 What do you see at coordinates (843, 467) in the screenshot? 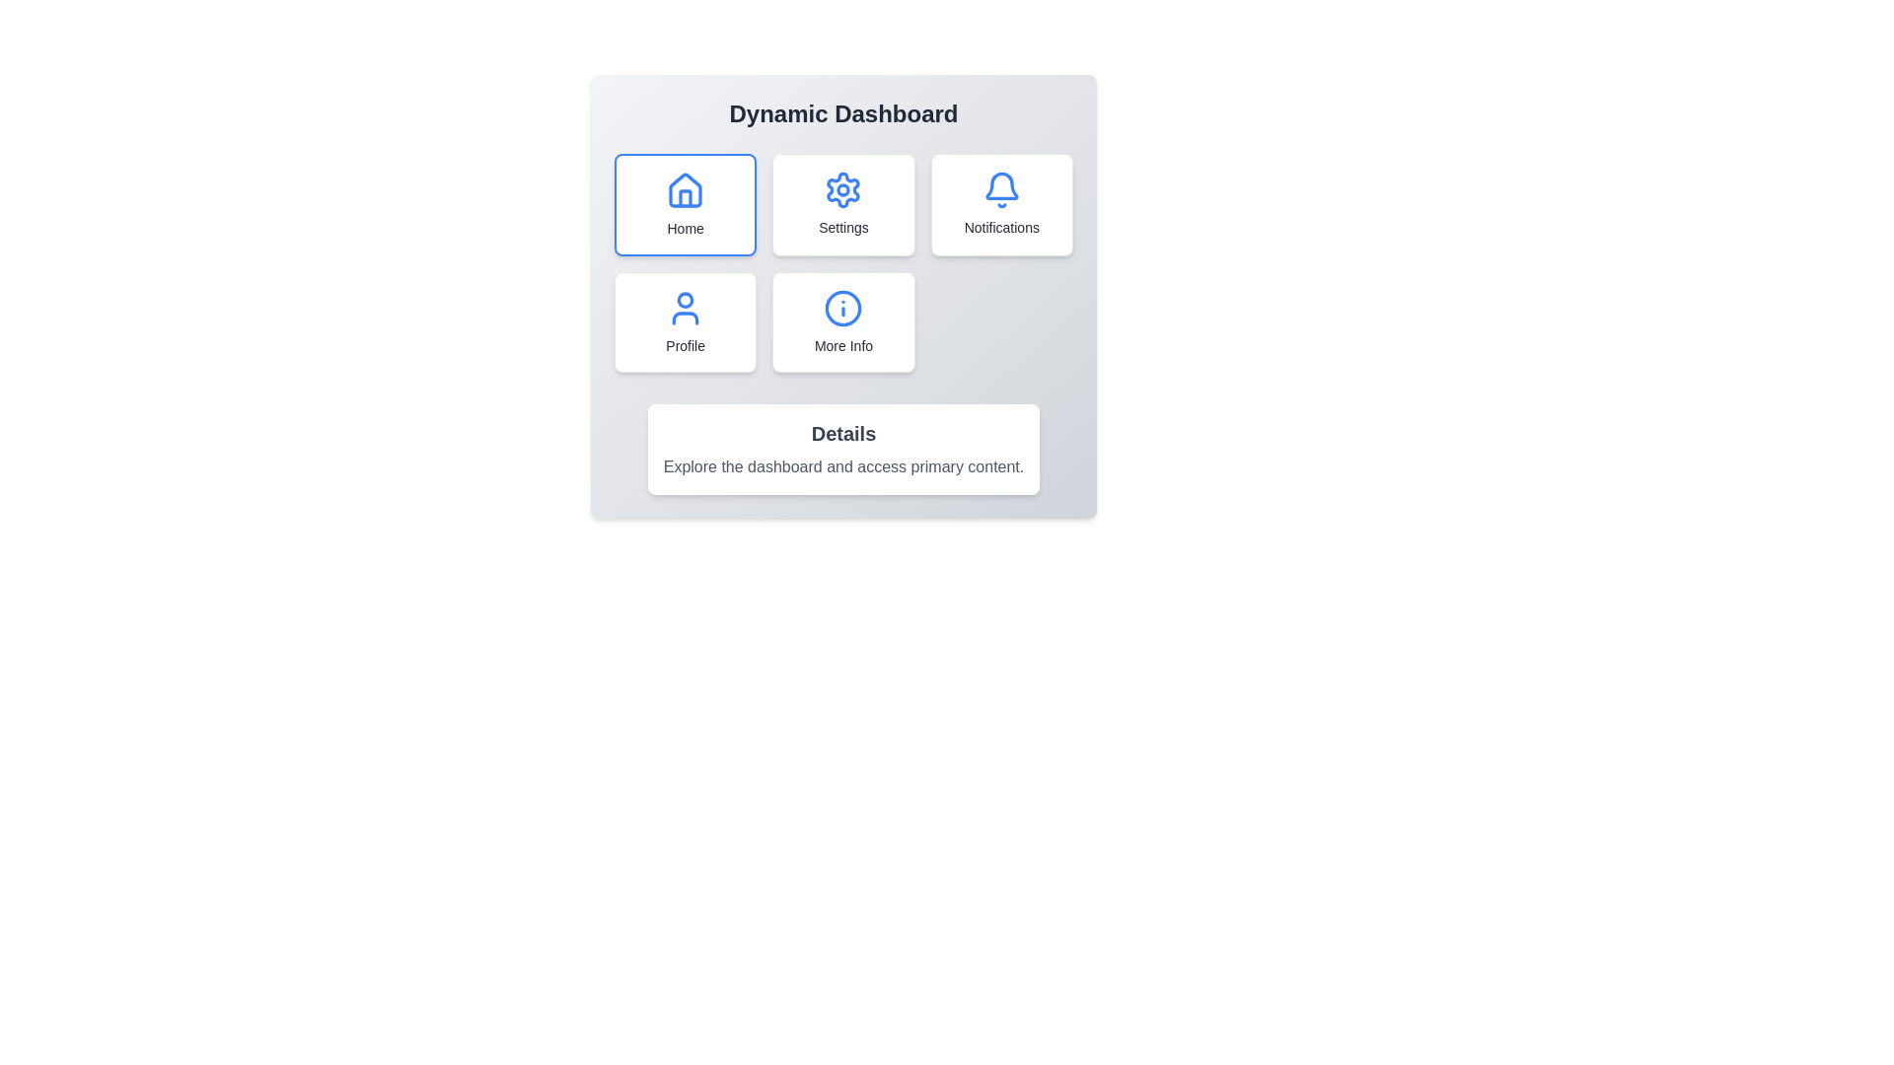
I see `text displayed in the Text Display located directly underneath the 'Details' section within the white card panel` at bounding box center [843, 467].